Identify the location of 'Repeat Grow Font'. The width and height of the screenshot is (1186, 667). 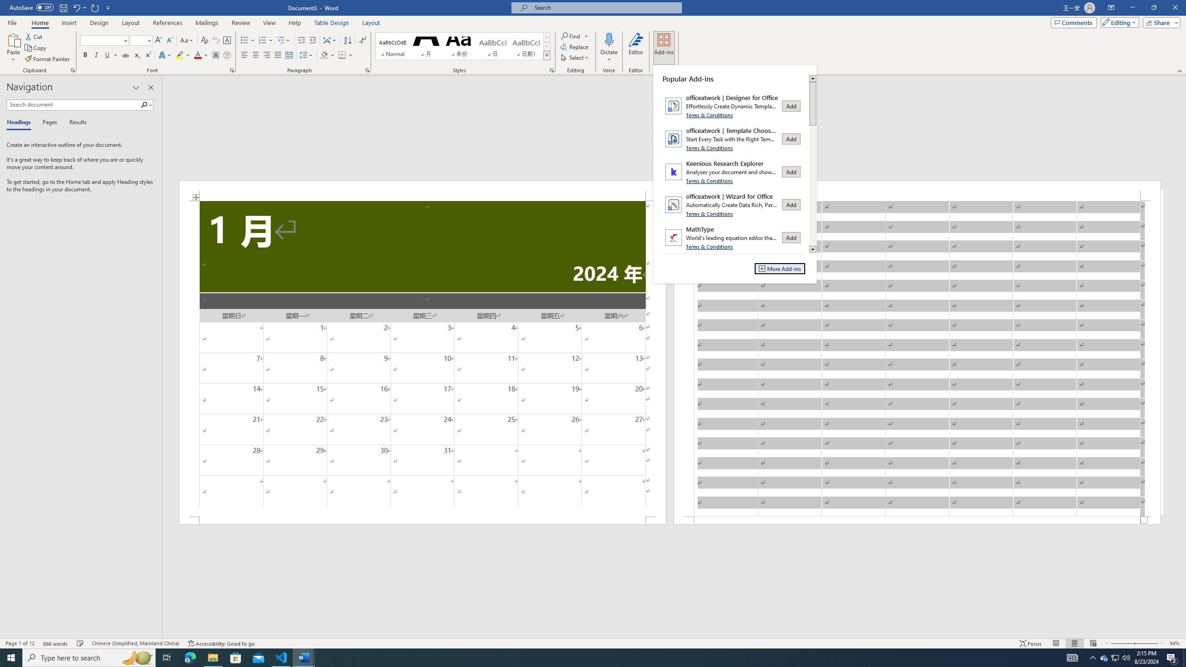
(95, 7).